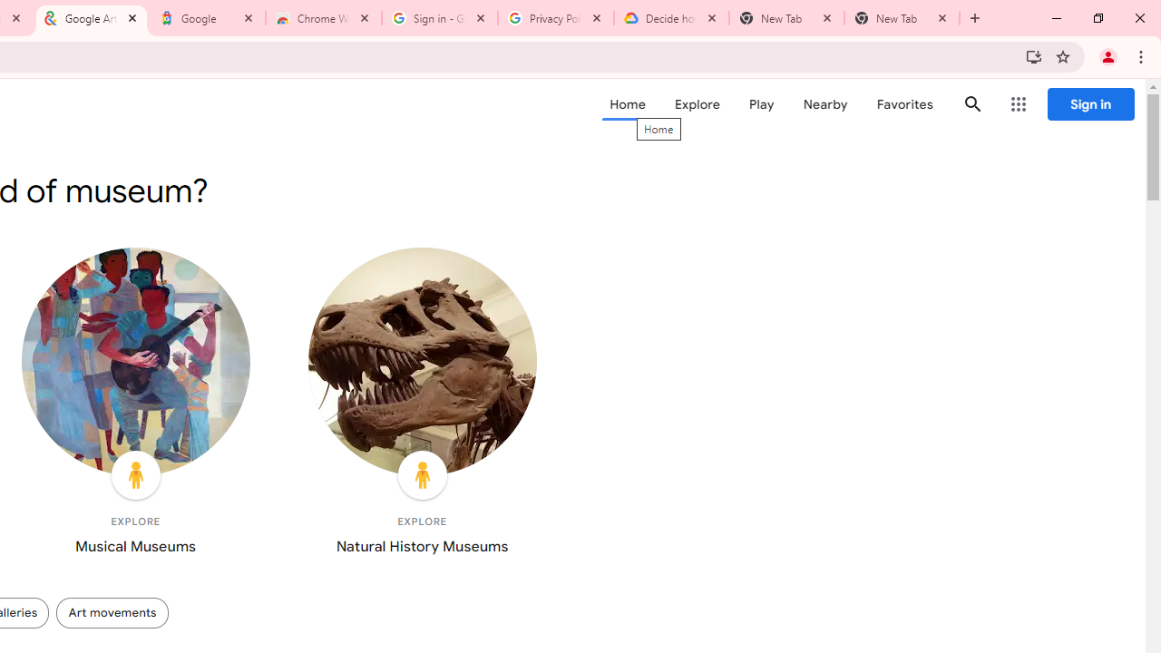  What do you see at coordinates (91, 18) in the screenshot?
I see `'Google Arts & Culture'` at bounding box center [91, 18].